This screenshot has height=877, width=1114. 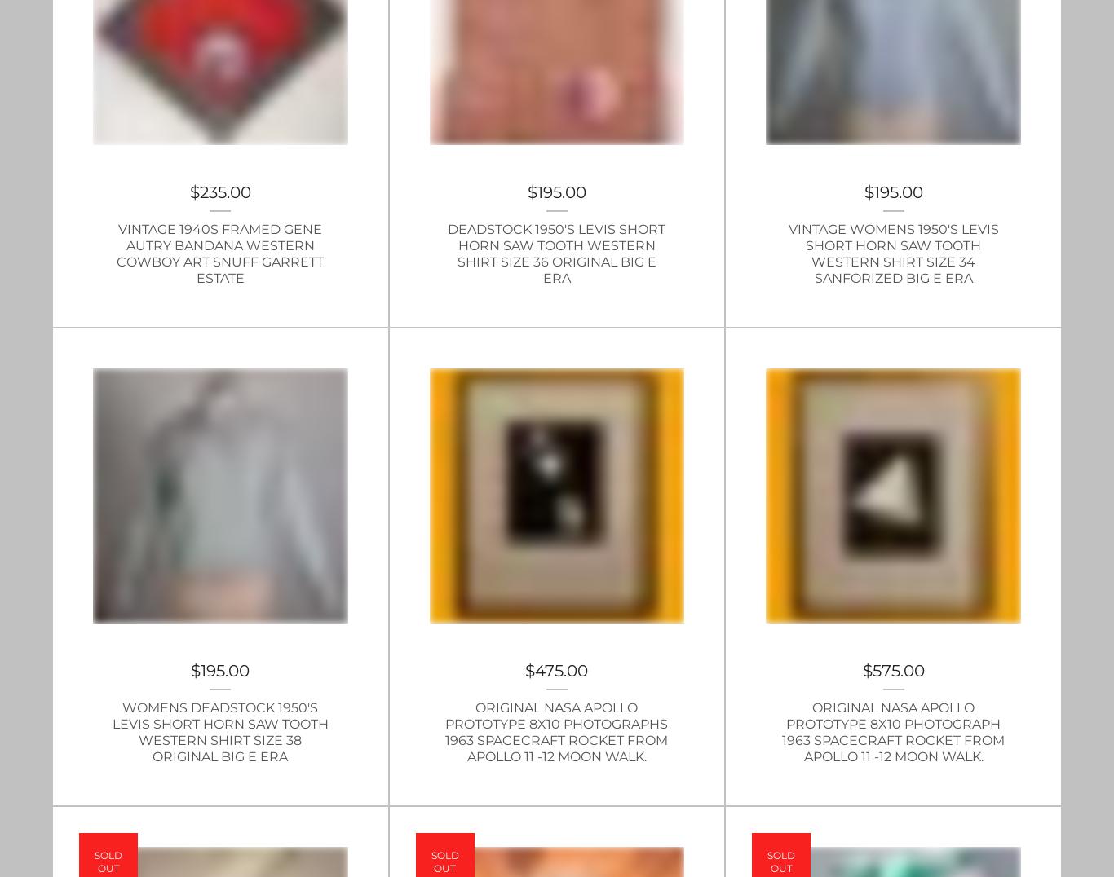 What do you see at coordinates (219, 731) in the screenshot?
I see `'Womens Deadstock 1950's LEVIS Short Horn Saw Tooth Western Shirt Size 38 Original Big E Era'` at bounding box center [219, 731].